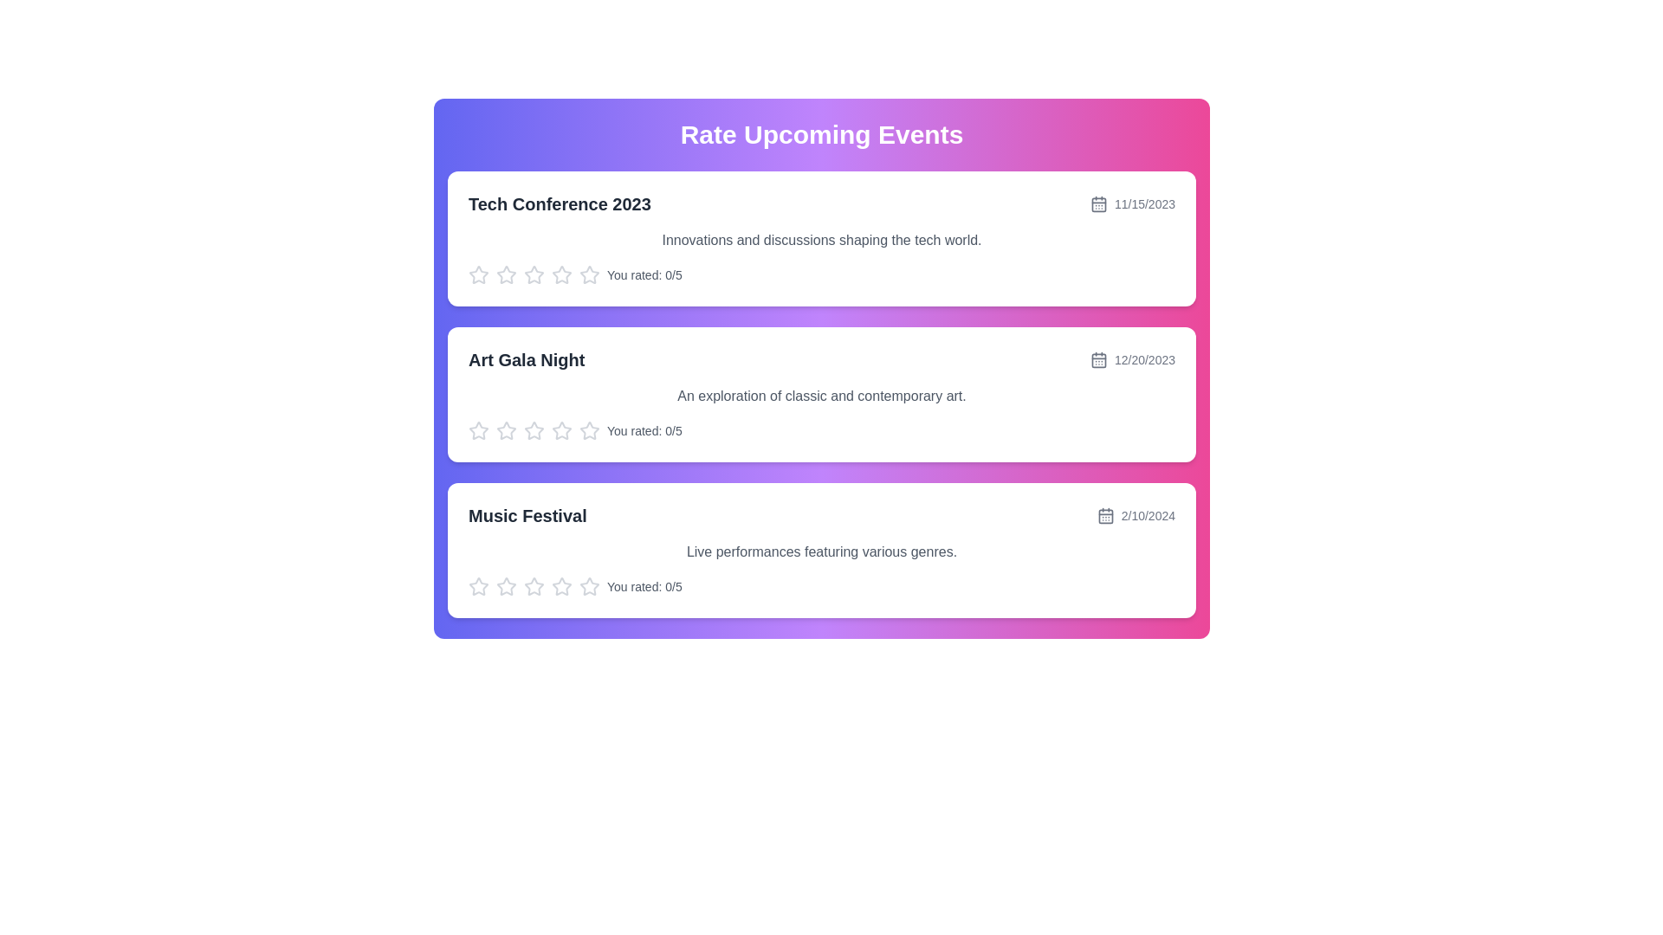 Image resolution: width=1663 pixels, height=935 pixels. Describe the element at coordinates (561, 274) in the screenshot. I see `the third star-shaped rating icon, which is part of a group of five icons used for rating, located below the title 'Tech Conference 2023' and above 'You rated: 0/5'` at that location.